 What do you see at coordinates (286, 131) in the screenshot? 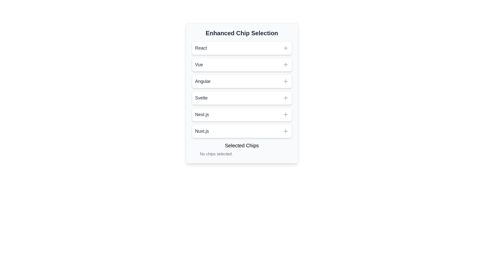
I see `the interactive icon on the right edge of the 'Nuxt.js' button` at bounding box center [286, 131].